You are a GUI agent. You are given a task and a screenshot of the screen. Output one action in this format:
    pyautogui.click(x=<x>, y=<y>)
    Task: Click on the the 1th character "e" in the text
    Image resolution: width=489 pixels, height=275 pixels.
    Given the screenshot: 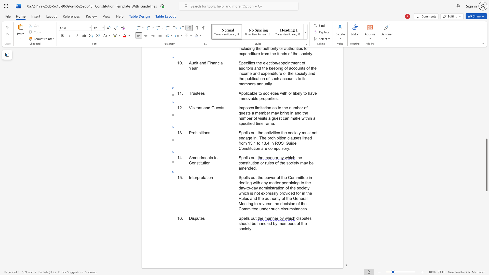 What is the action you would take?
    pyautogui.click(x=285, y=182)
    